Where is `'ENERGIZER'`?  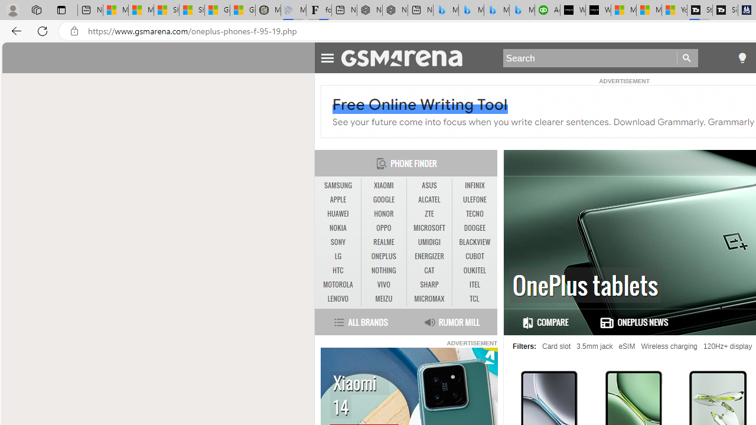 'ENERGIZER' is located at coordinates (429, 256).